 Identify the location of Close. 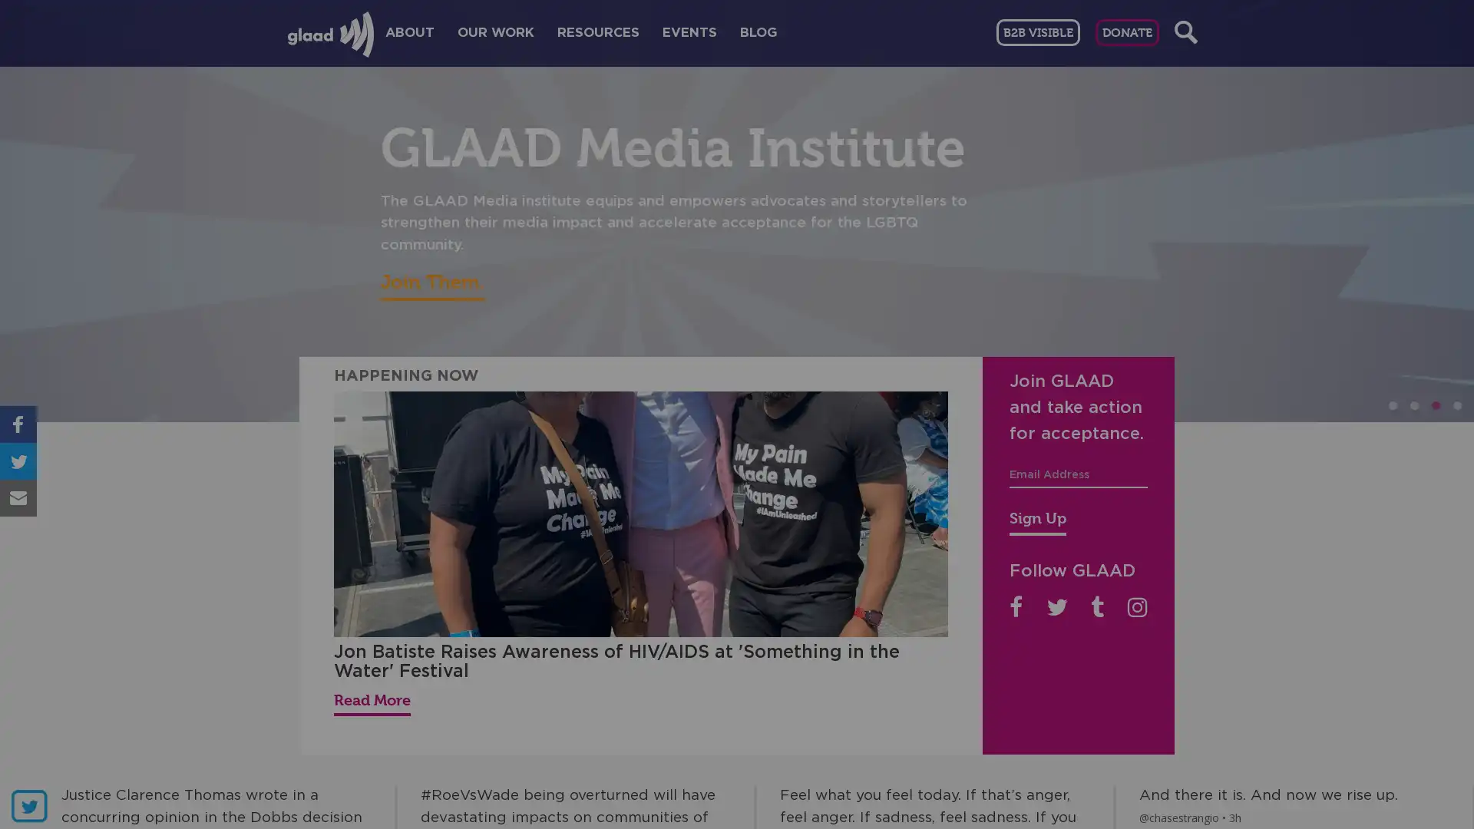
(1120, 182).